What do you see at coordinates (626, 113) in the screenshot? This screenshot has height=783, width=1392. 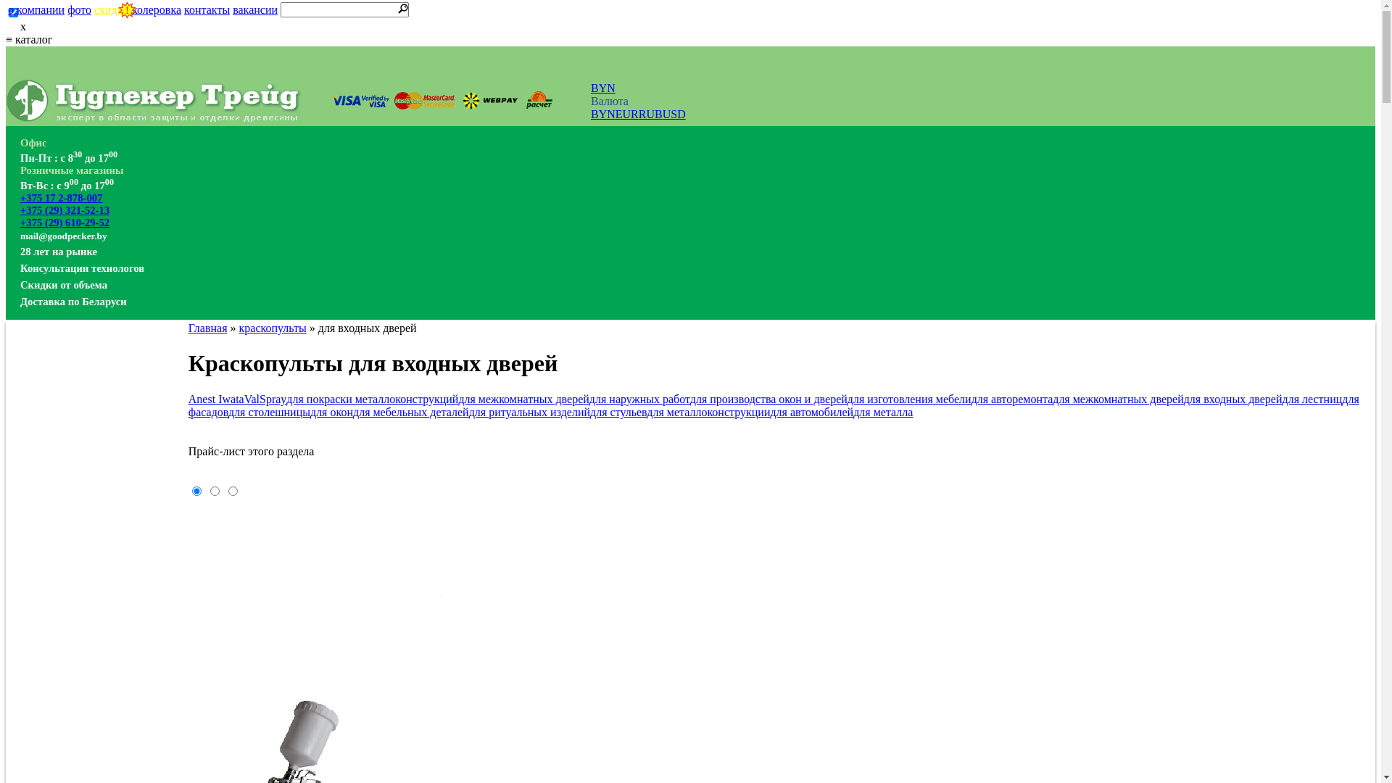 I see `'EUR'` at bounding box center [626, 113].